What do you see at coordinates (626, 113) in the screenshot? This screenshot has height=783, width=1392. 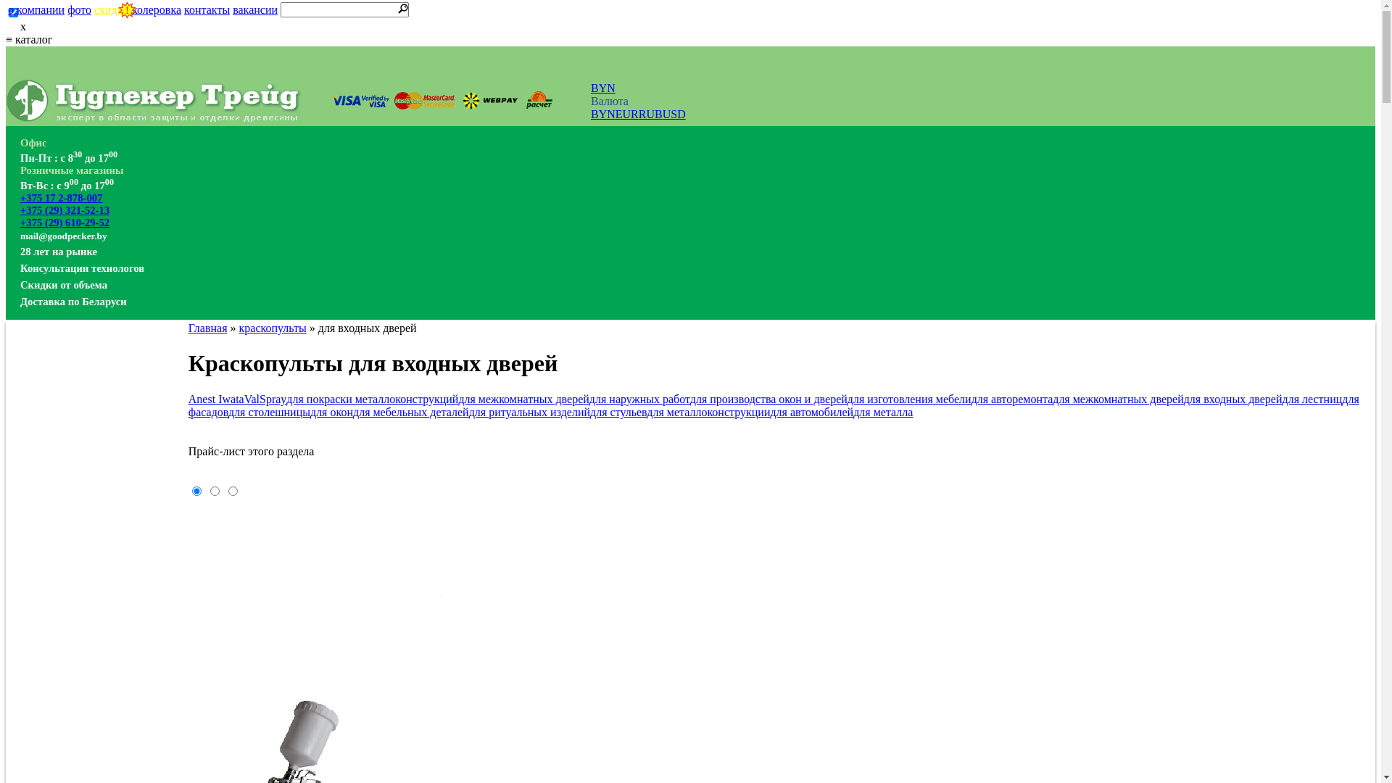 I see `'EUR'` at bounding box center [626, 113].